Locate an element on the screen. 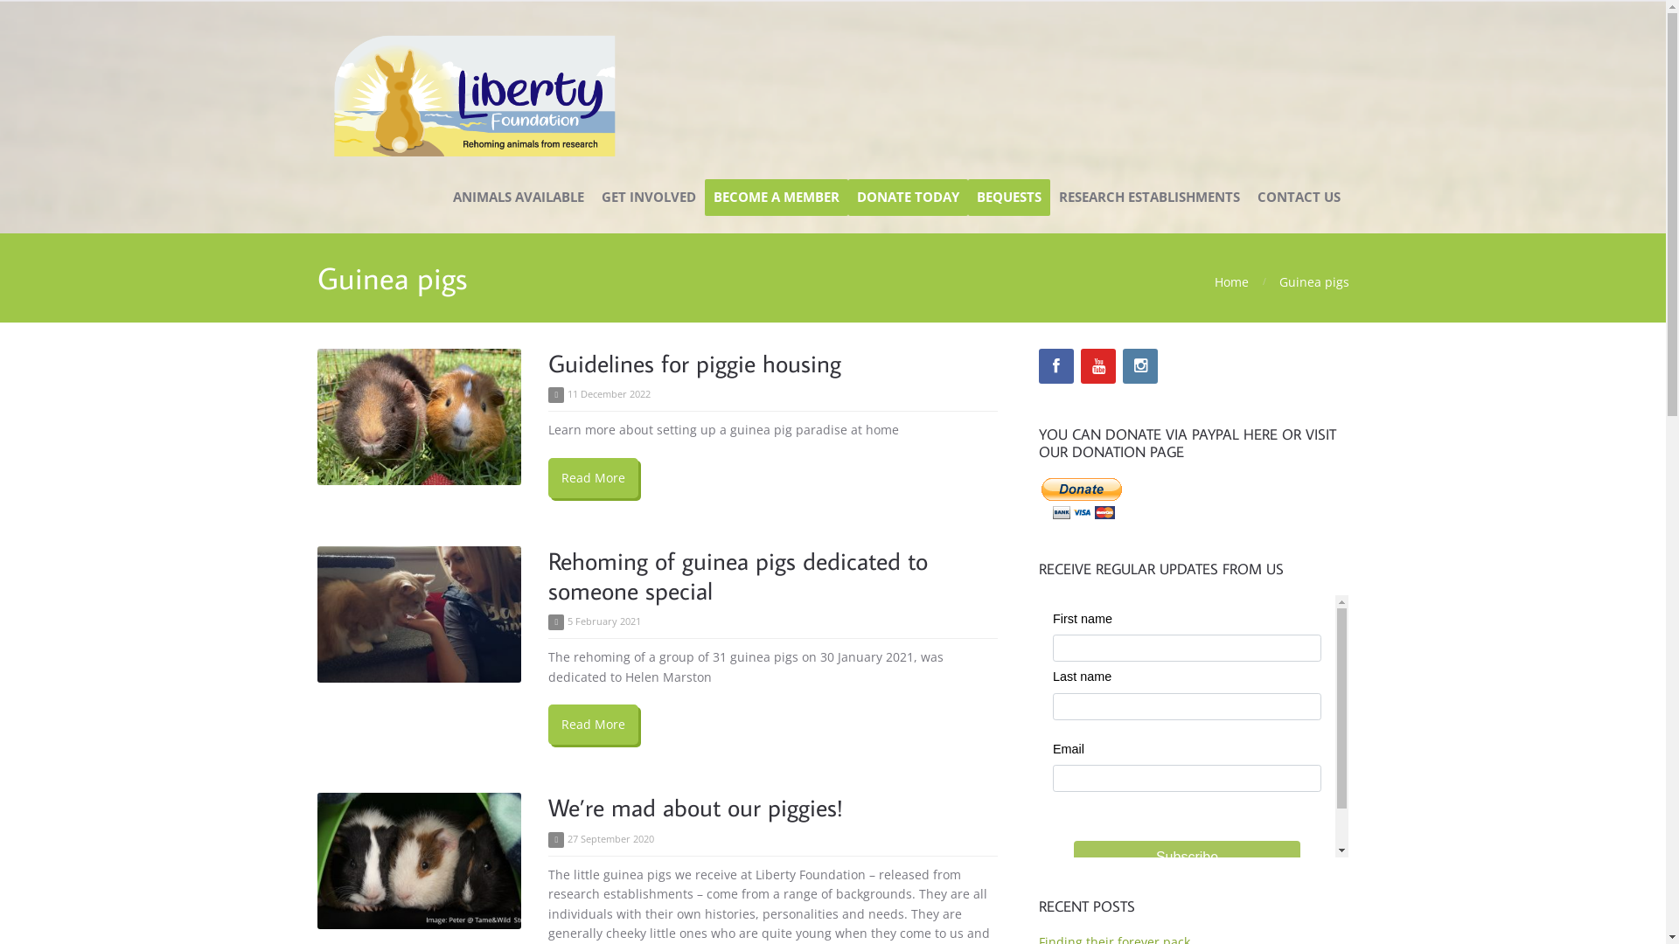 The width and height of the screenshot is (1679, 944). 'Instagram' is located at coordinates (1140, 365).